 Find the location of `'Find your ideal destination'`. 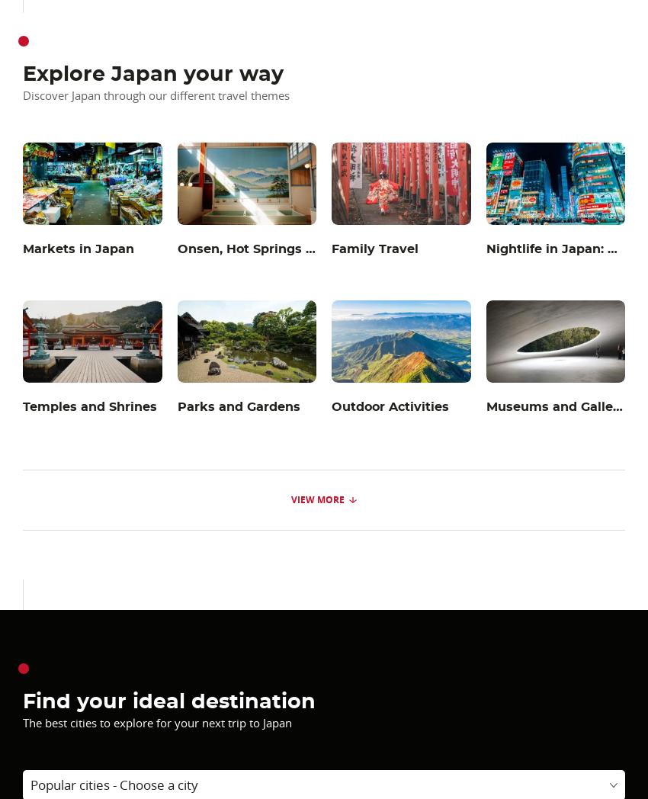

'Find your ideal destination' is located at coordinates (22, 701).